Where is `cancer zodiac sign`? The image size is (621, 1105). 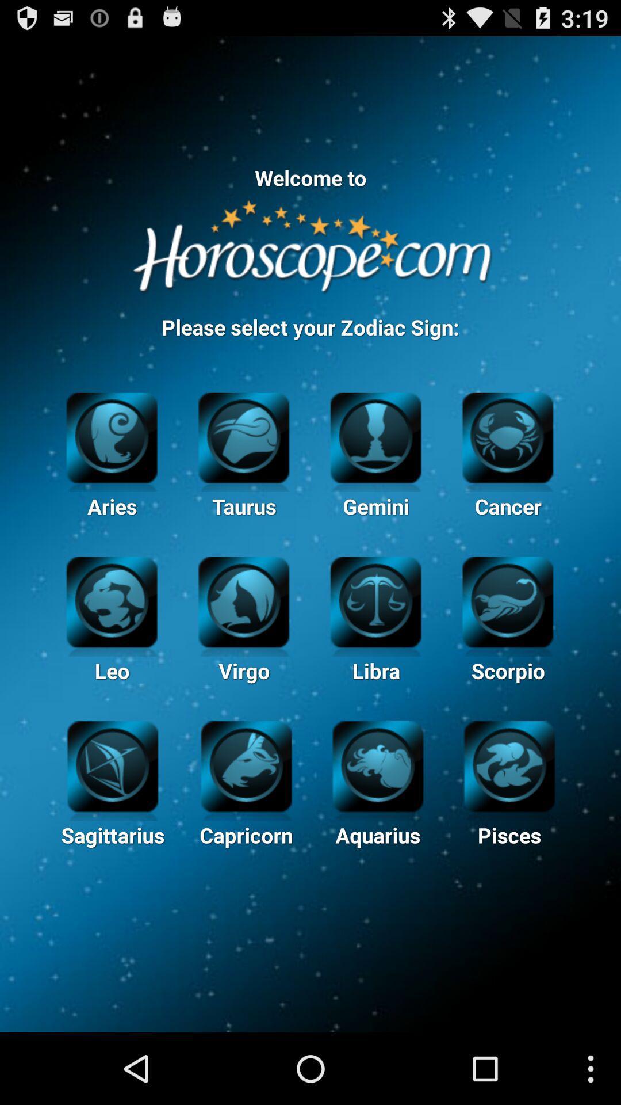 cancer zodiac sign is located at coordinates (507, 435).